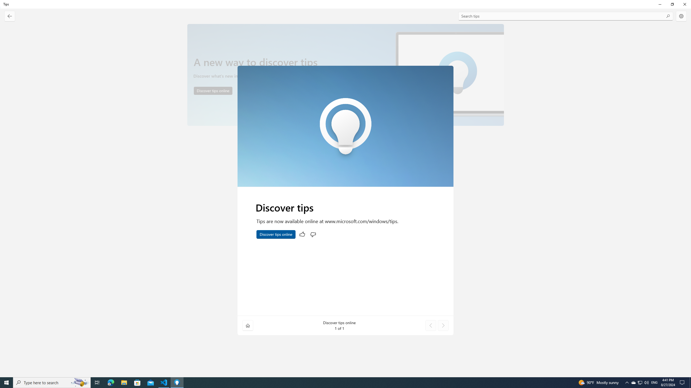 Image resolution: width=691 pixels, height=388 pixels. I want to click on 'Close Tips', so click(684, 4).